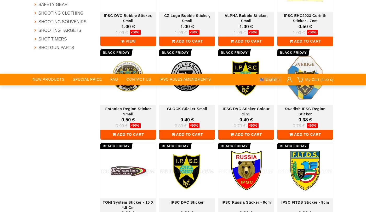 This screenshot has height=212, width=366. I want to click on 'Payment by Credit Card', so click(115, 50).